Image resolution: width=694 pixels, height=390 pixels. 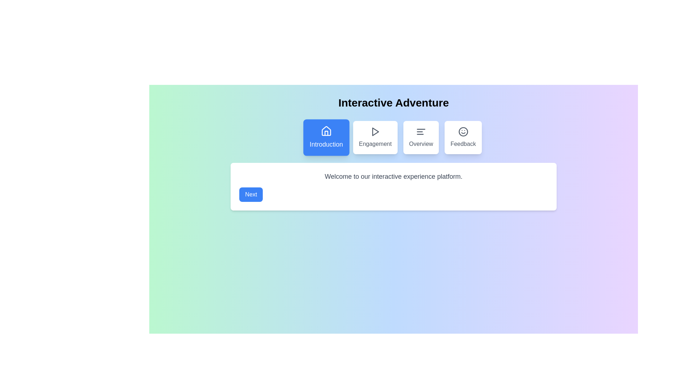 What do you see at coordinates (251, 194) in the screenshot?
I see `the 'Next' button to proceed to the next step in the interactive stepper` at bounding box center [251, 194].